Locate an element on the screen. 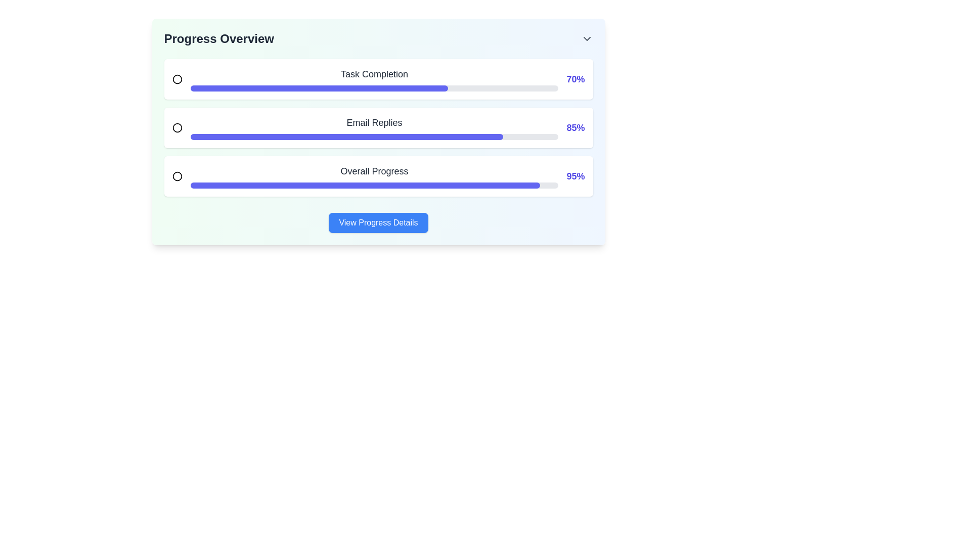 The image size is (971, 546). the 'Email Replies' text label, which is styled in a medium-sized bold gray font and located in the second row of the progress overview component is located at coordinates (374, 122).